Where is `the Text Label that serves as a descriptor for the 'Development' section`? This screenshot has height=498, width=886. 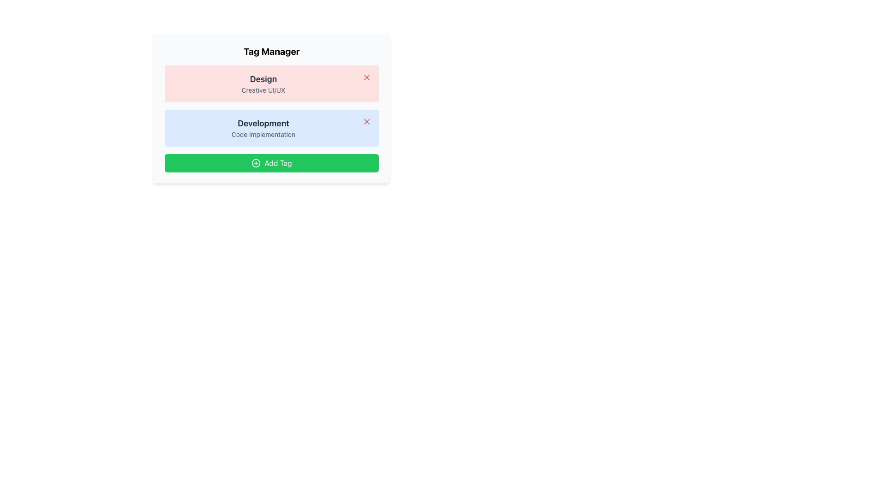
the Text Label that serves as a descriptor for the 'Development' section is located at coordinates (263, 135).